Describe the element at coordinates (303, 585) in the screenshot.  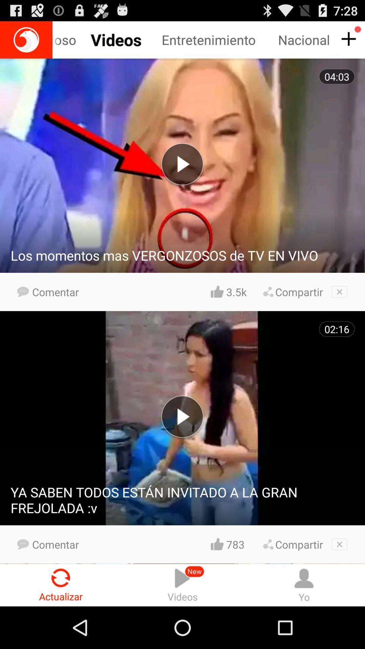
I see `the yo` at that location.